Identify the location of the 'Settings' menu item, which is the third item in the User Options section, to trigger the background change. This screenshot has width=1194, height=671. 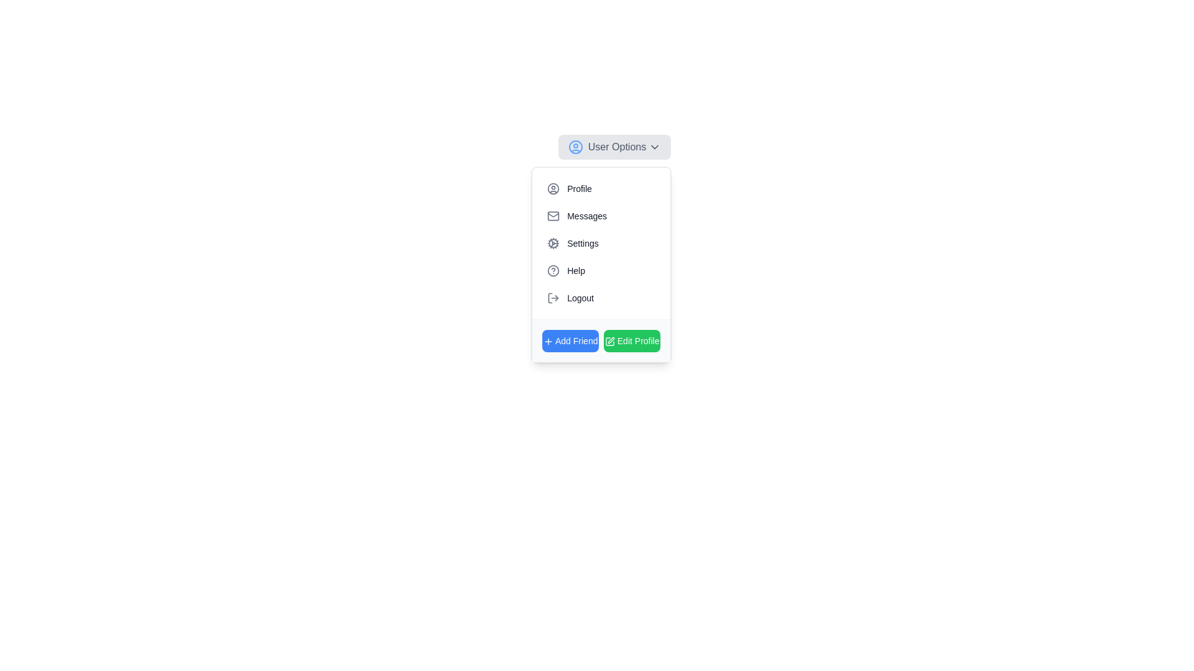
(601, 244).